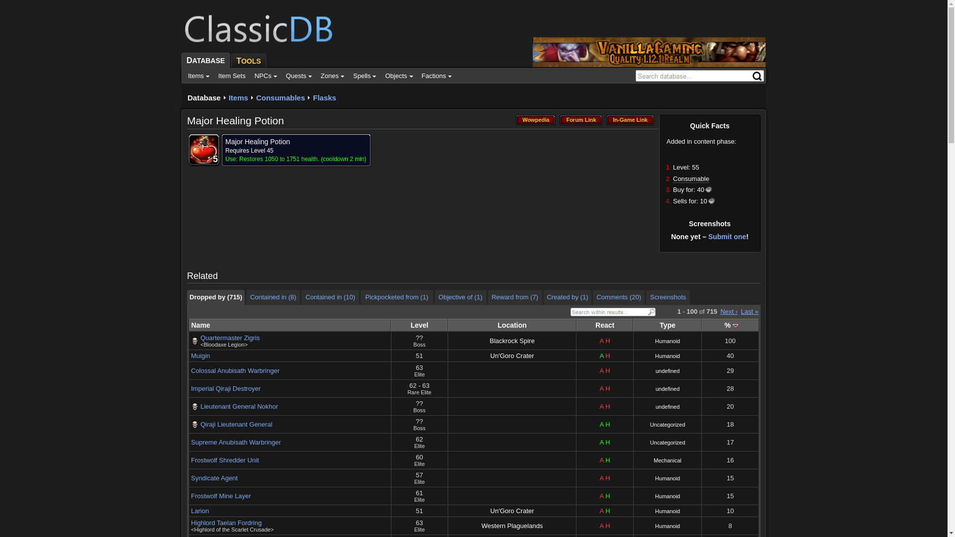 This screenshot has width=955, height=537. What do you see at coordinates (250, 75) in the screenshot?
I see `'NPCs'` at bounding box center [250, 75].